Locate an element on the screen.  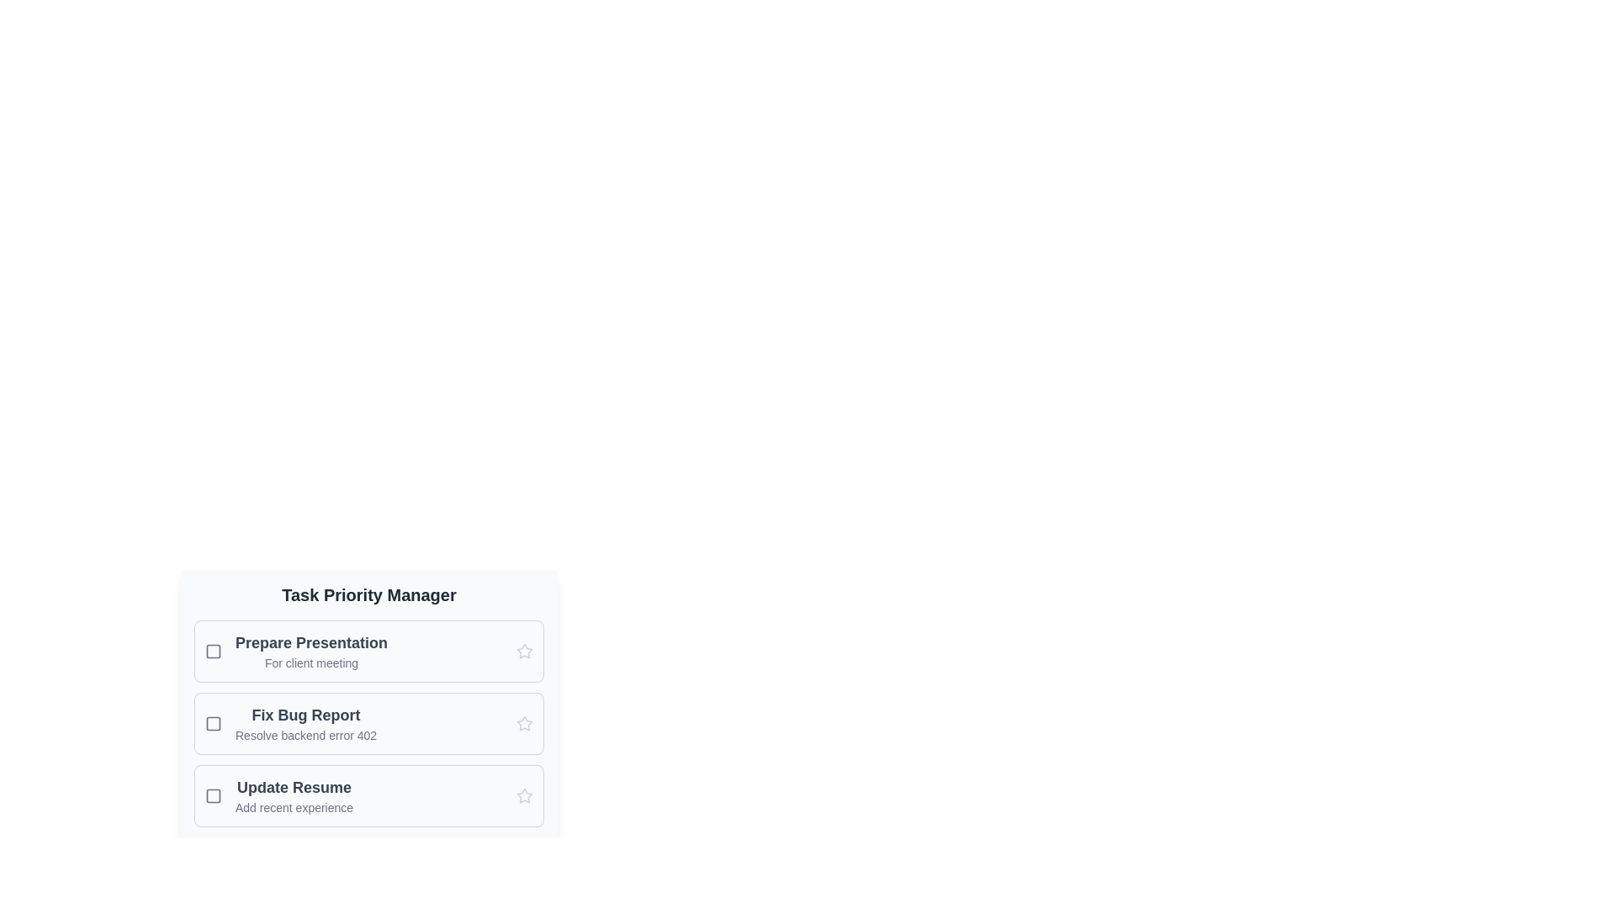
the square icon or checkbox placeholder associated with the task 'Prepare Presentation' to interact with it is located at coordinates (213, 651).